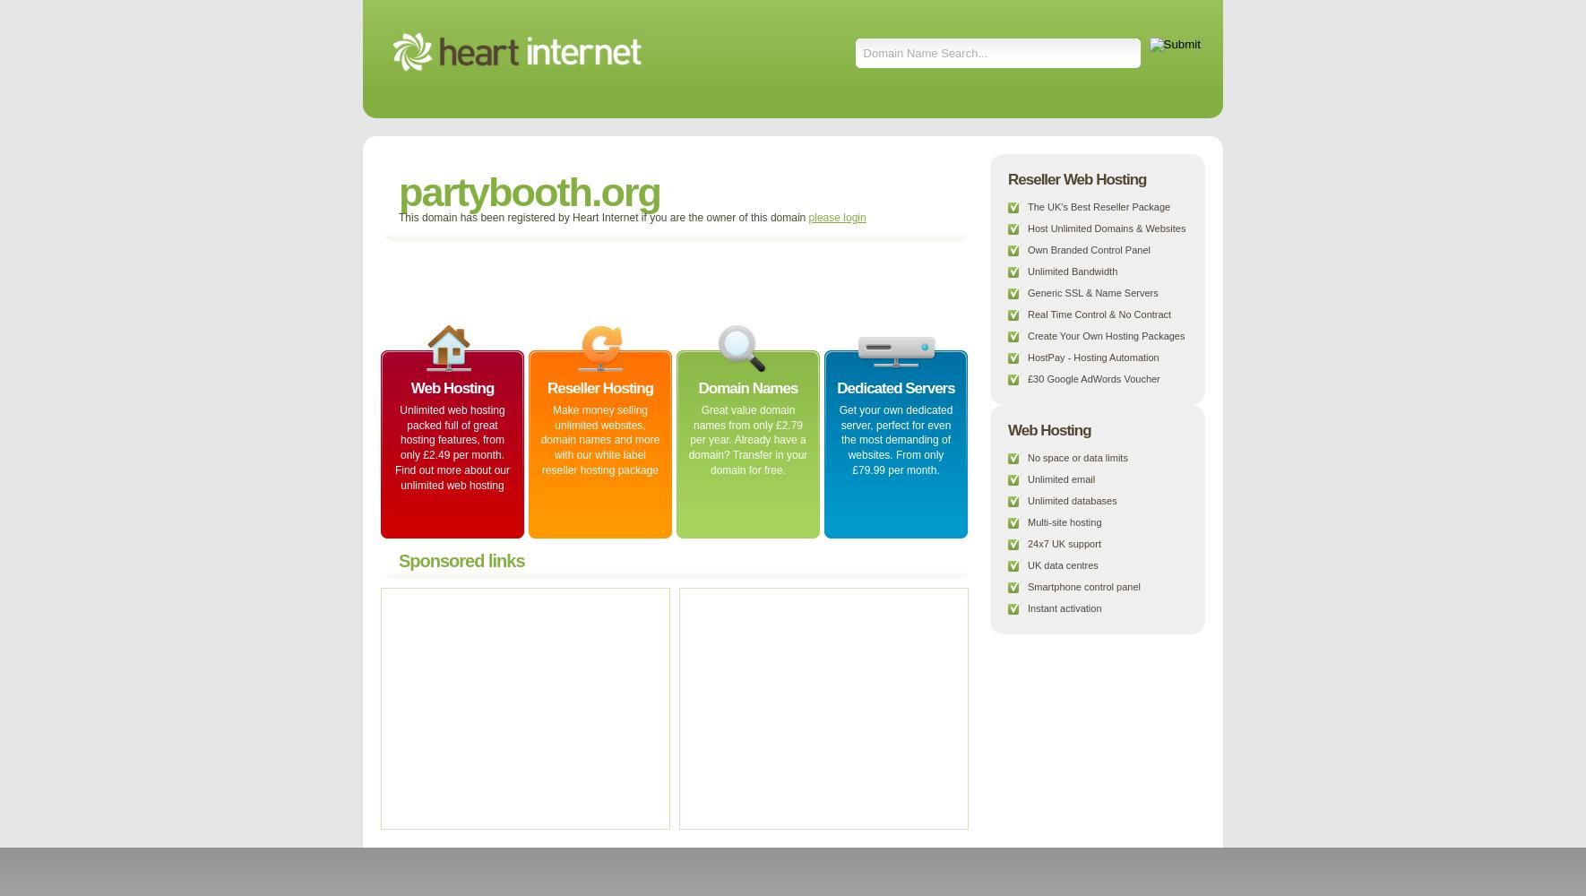  What do you see at coordinates (688, 438) in the screenshot?
I see `'Great value domain names from only £2.79 per year. Already have a domain? Transfer in your domain for free.'` at bounding box center [688, 438].